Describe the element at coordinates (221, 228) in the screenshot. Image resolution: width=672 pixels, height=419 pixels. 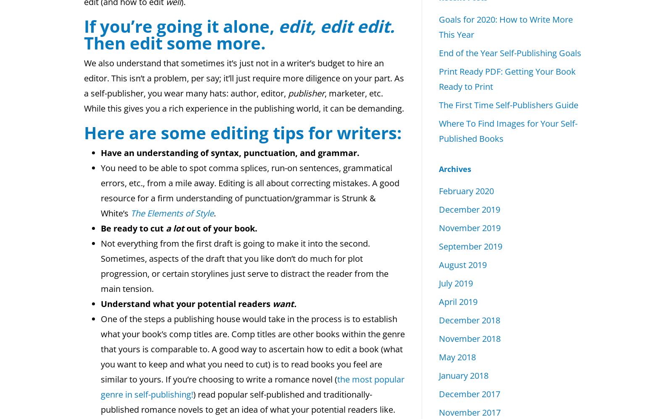
I see `'out of your book.'` at that location.